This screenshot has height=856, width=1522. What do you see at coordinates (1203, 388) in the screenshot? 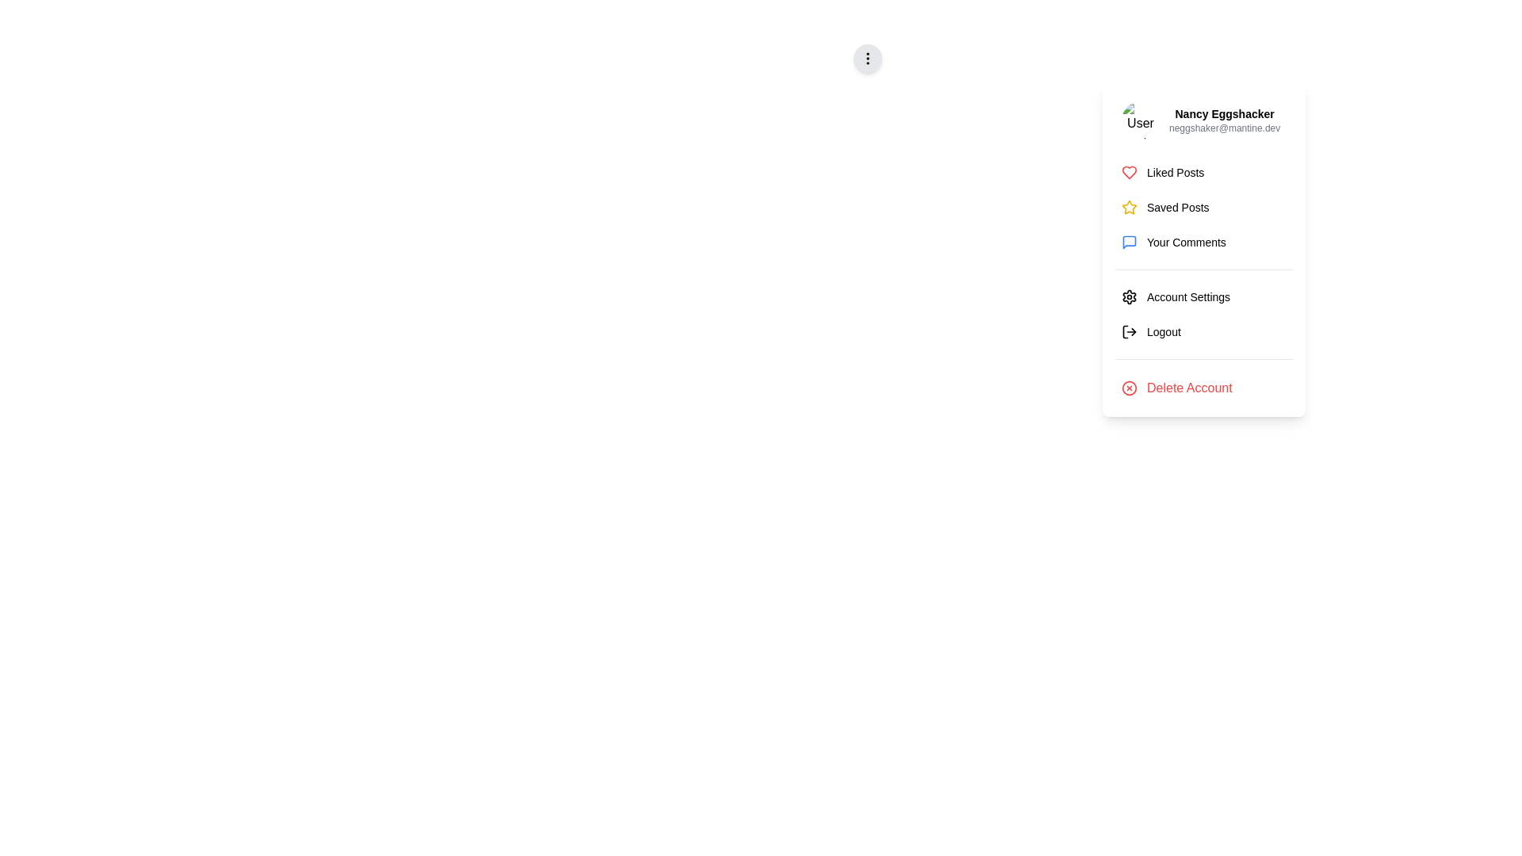
I see `the 'Delete Account' button styled in red at the bottom of the menu to initiate the account deletion process` at bounding box center [1203, 388].